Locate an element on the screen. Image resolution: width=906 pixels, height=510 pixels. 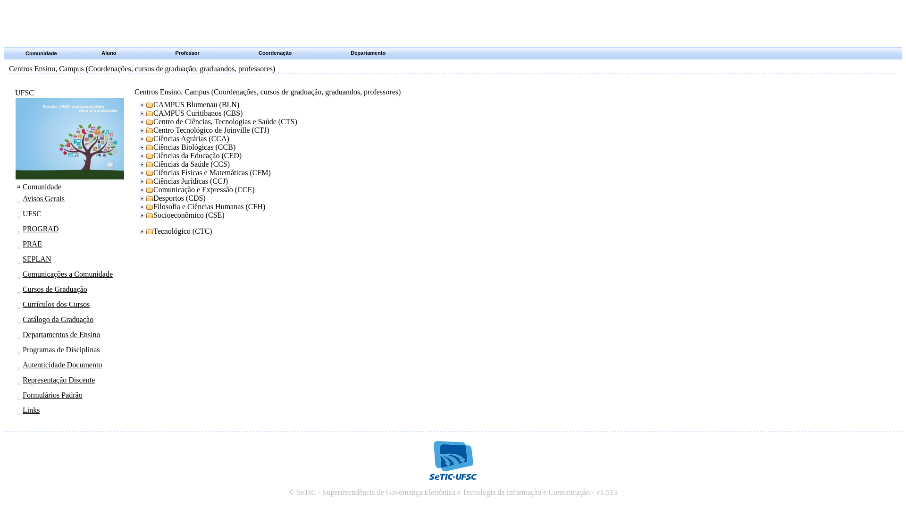
'Links' is located at coordinates (31, 409).